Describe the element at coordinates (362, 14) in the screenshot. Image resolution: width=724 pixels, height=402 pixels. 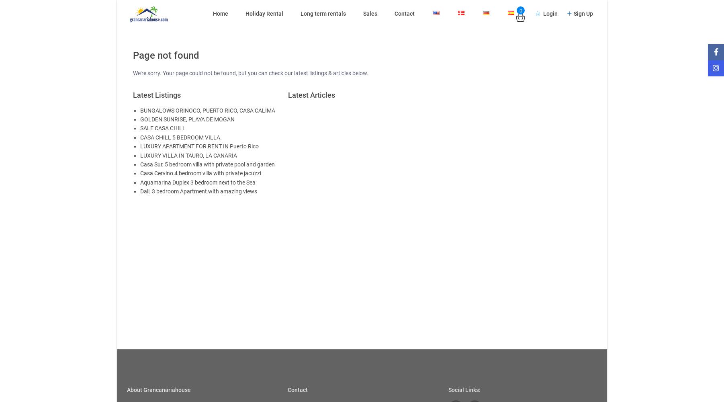
I see `'Sales'` at that location.